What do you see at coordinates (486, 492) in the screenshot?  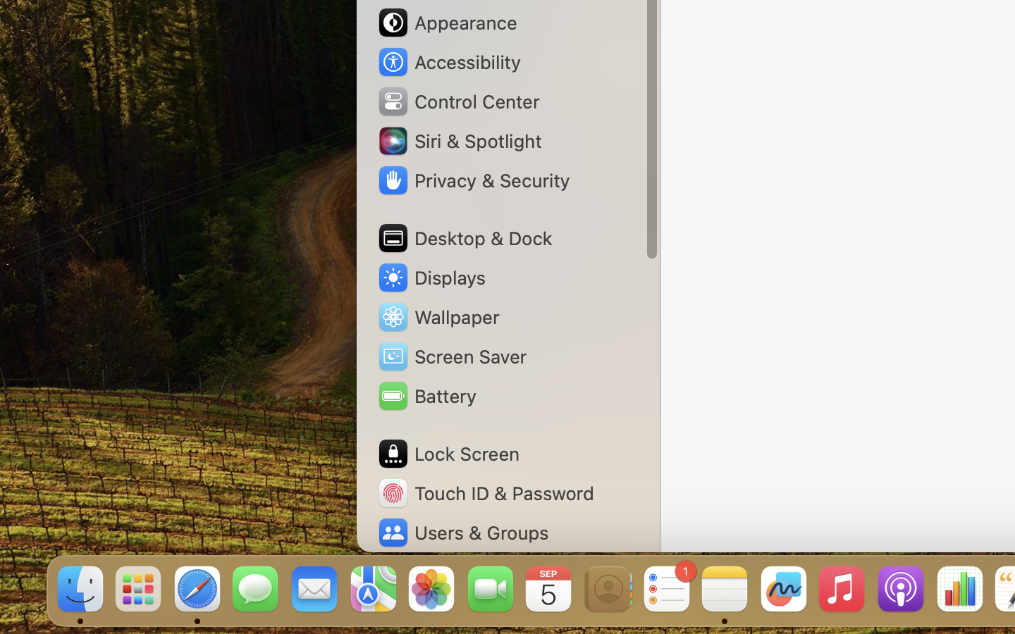 I see `'Touch ID & Password'` at bounding box center [486, 492].